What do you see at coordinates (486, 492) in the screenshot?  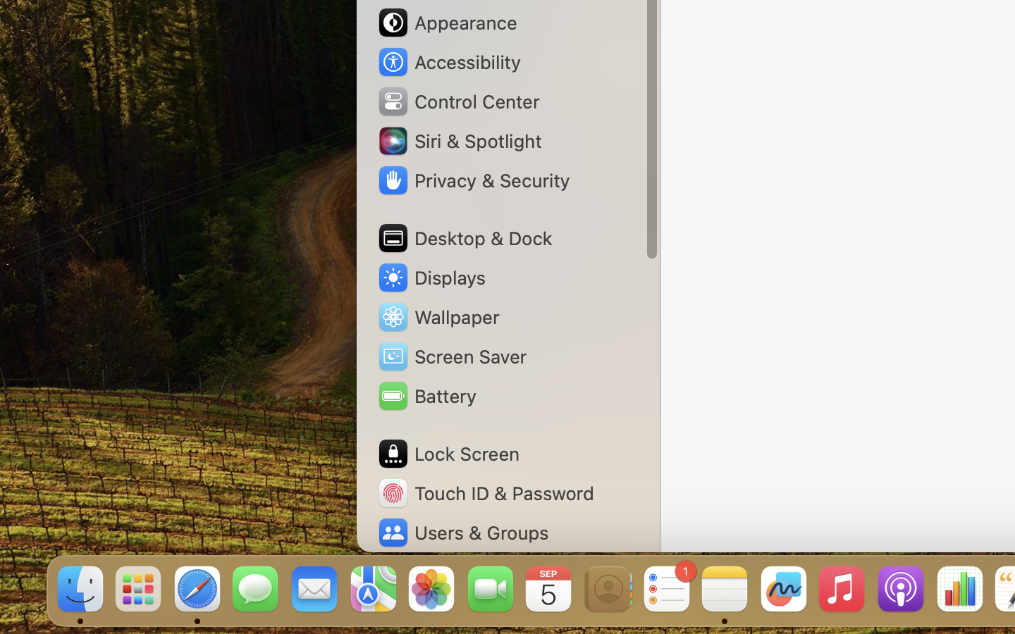 I see `'Touch ID & Password'` at bounding box center [486, 492].